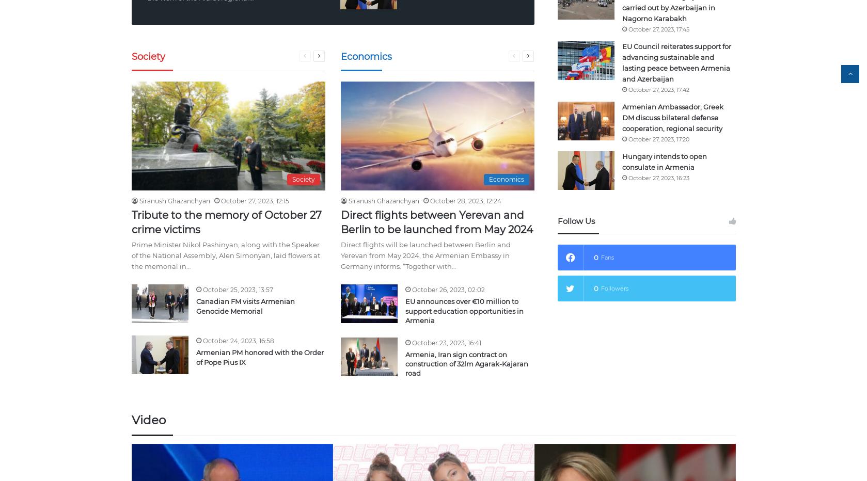  What do you see at coordinates (148, 419) in the screenshot?
I see `'Video'` at bounding box center [148, 419].